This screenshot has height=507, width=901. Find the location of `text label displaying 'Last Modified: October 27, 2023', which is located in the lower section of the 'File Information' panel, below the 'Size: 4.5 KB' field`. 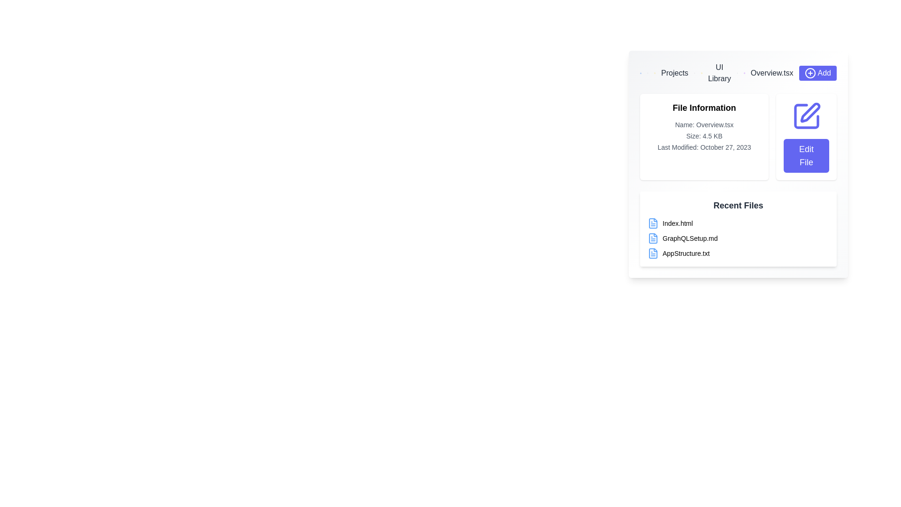

text label displaying 'Last Modified: October 27, 2023', which is located in the lower section of the 'File Information' panel, below the 'Size: 4.5 KB' field is located at coordinates (704, 147).